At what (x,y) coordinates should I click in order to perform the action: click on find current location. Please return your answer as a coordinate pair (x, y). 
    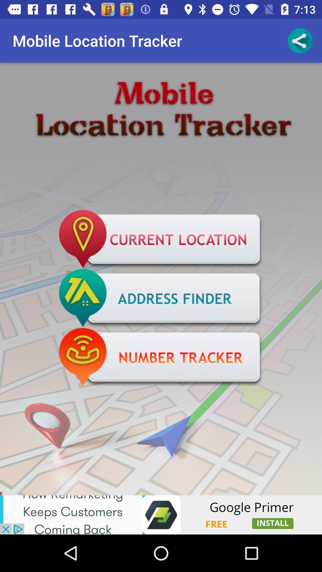
    Looking at the image, I should click on (161, 240).